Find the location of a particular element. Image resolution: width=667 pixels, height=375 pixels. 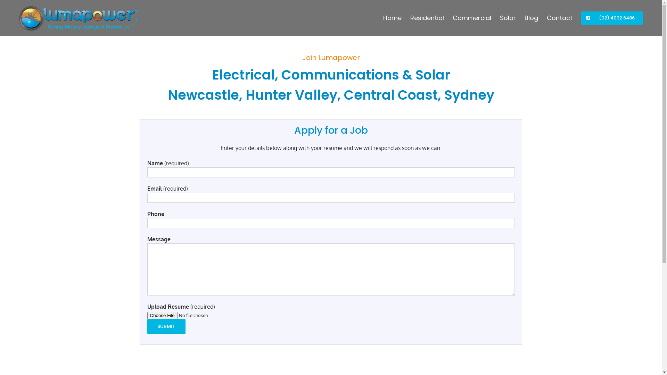

'Home' is located at coordinates (383, 17).